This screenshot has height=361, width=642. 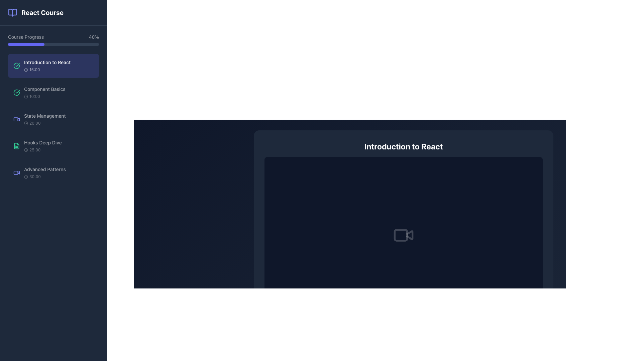 What do you see at coordinates (53, 145) in the screenshot?
I see `the interactive list item labeled 'Hooks Deep Dive' with a green document icon` at bounding box center [53, 145].